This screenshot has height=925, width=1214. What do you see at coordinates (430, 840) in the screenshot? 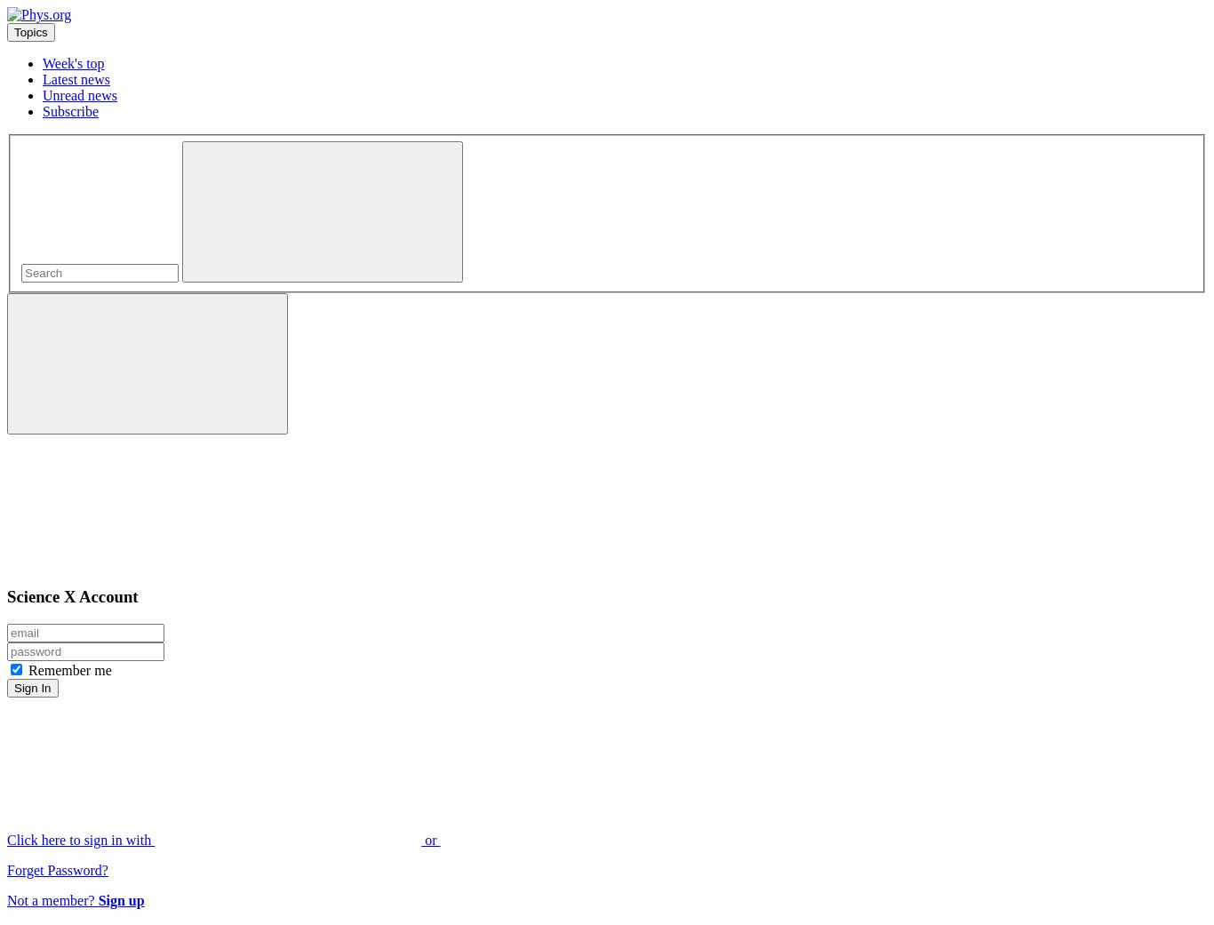
I see `'or'` at bounding box center [430, 840].